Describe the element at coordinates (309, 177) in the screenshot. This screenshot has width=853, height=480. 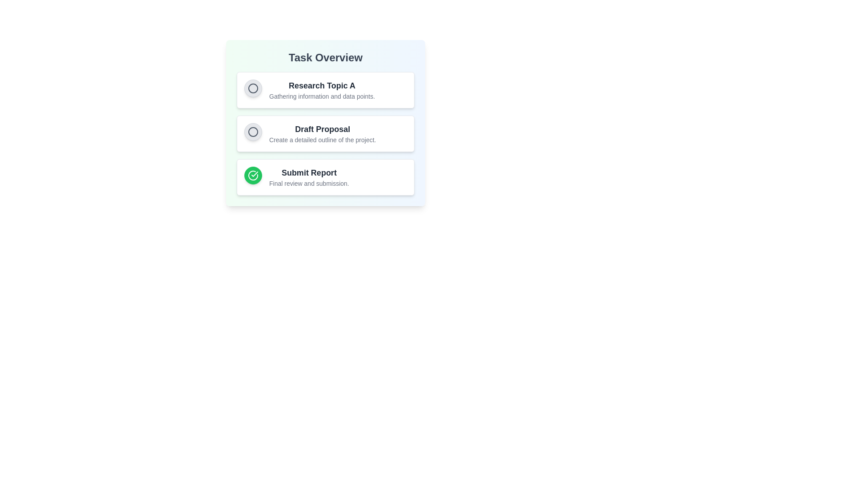
I see `task labeled 'Submit Report' within the card-like structure located in the third row of the 'Task Overview' sequence` at that location.